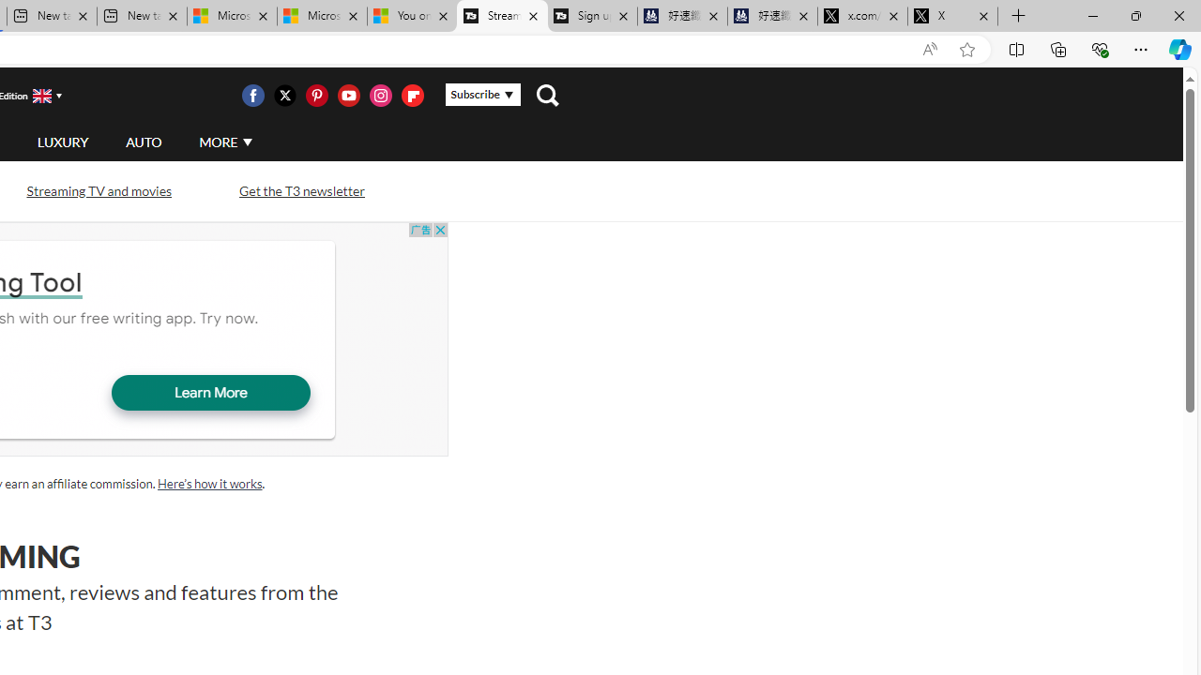  I want to click on 'Visit us on Twitter', so click(283, 95).